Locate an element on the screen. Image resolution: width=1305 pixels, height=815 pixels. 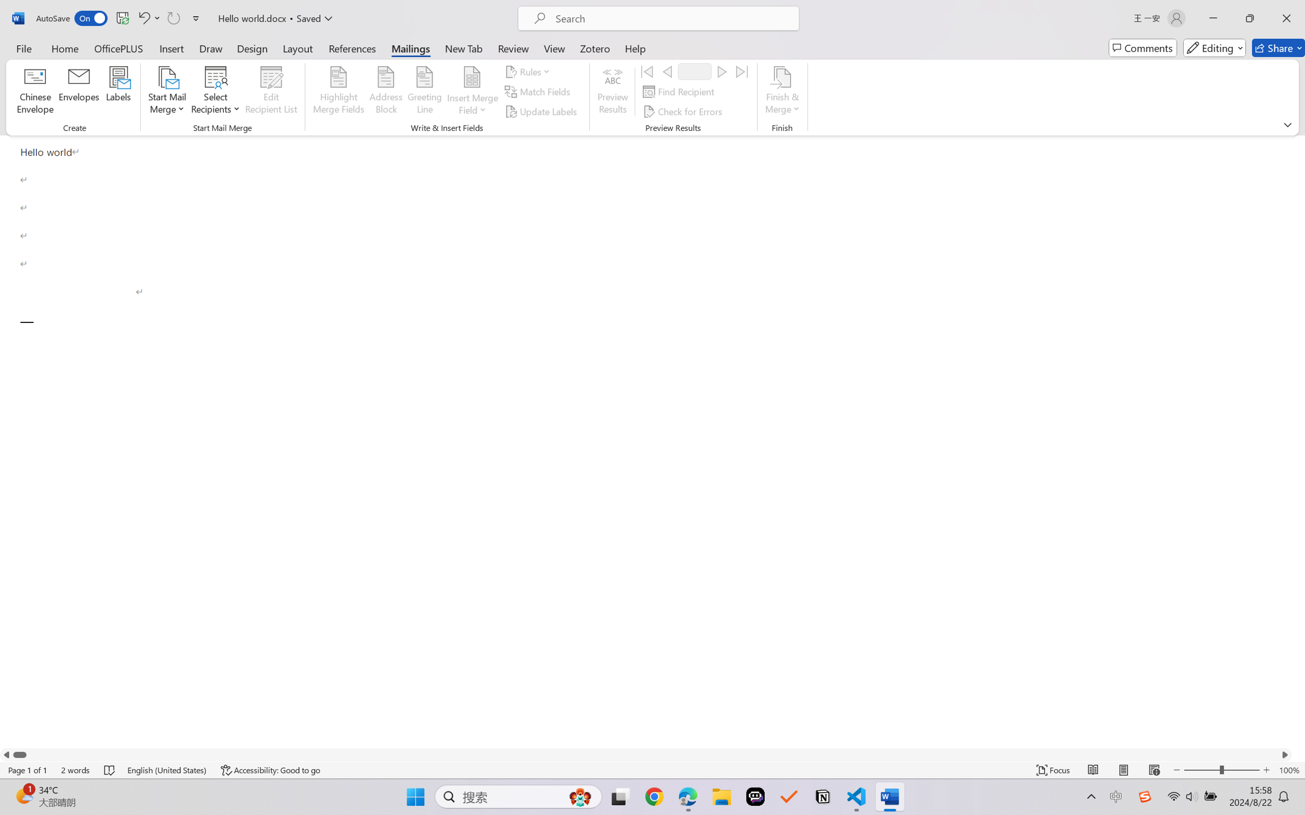
'Find Recipient...' is located at coordinates (679, 92).